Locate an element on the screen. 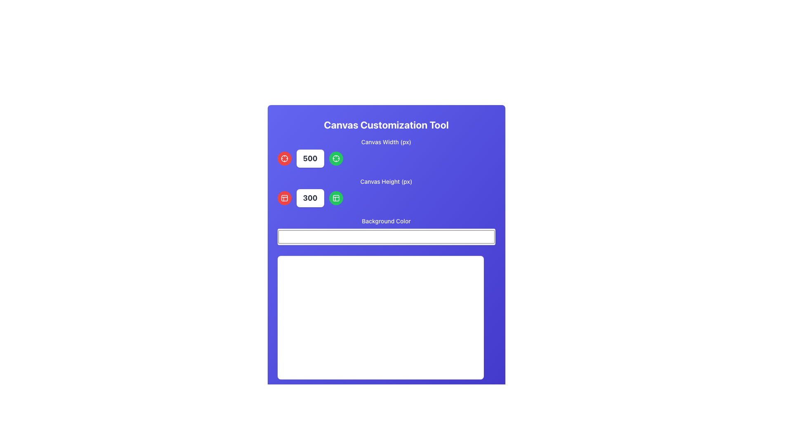  the green button next to the numeric input field labeled 'Canvas Width (px)' to increase the width is located at coordinates (386, 152).